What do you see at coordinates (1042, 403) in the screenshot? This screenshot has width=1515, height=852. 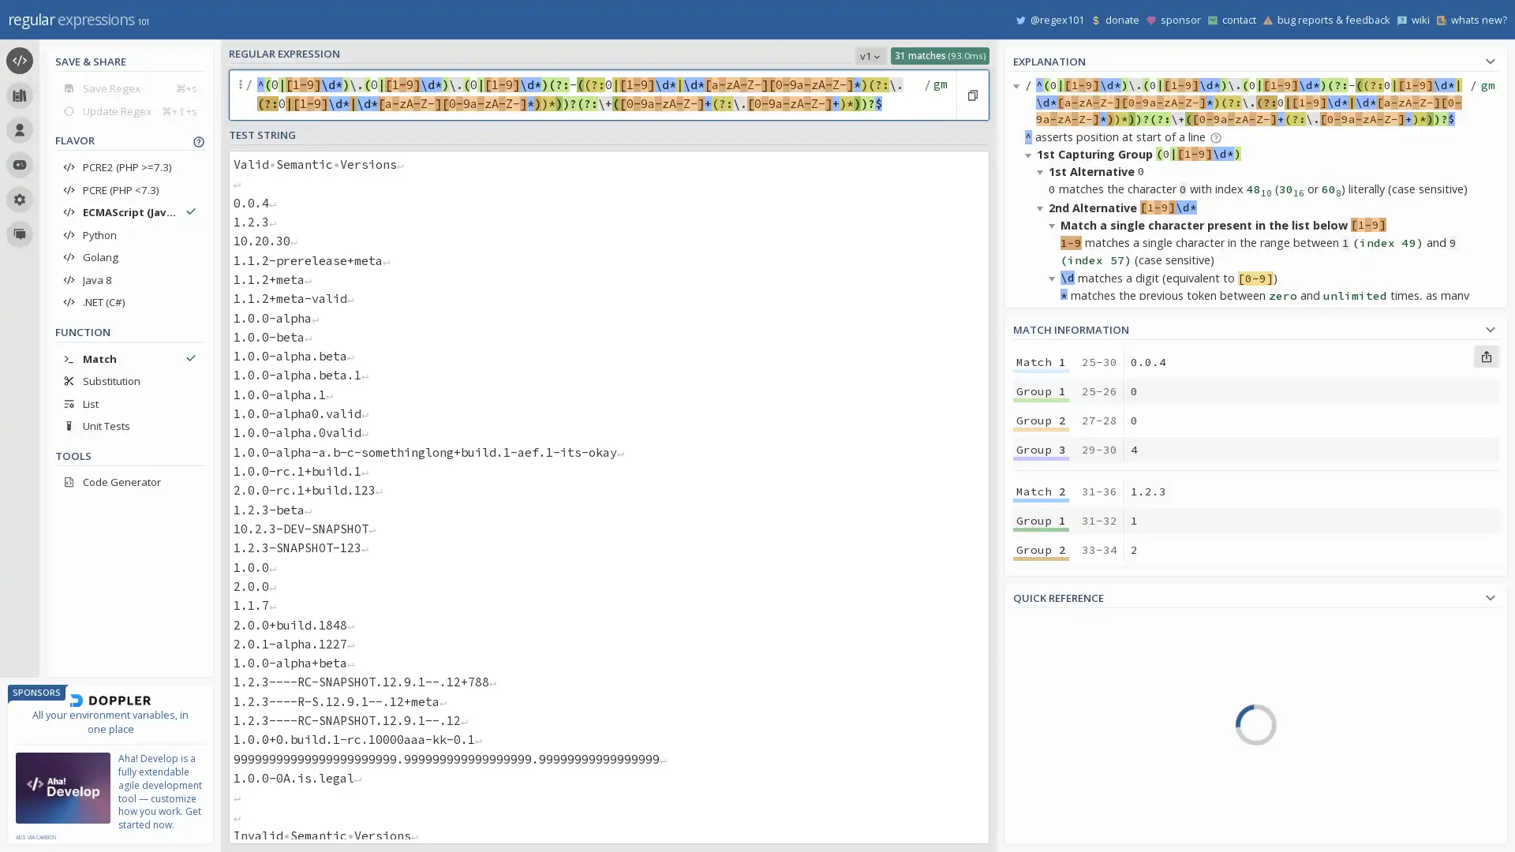 I see `Collapse Subtree` at bounding box center [1042, 403].